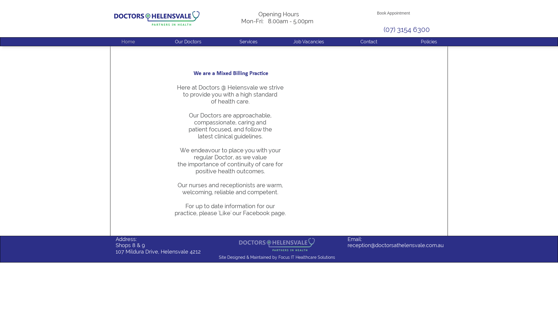 The image size is (558, 314). Describe the element at coordinates (393, 13) in the screenshot. I see `'Book Appointment'` at that location.